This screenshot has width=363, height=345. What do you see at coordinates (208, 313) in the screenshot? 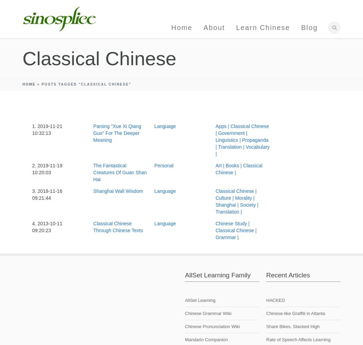
I see `'Chinese Grammar Wiki'` at bounding box center [208, 313].